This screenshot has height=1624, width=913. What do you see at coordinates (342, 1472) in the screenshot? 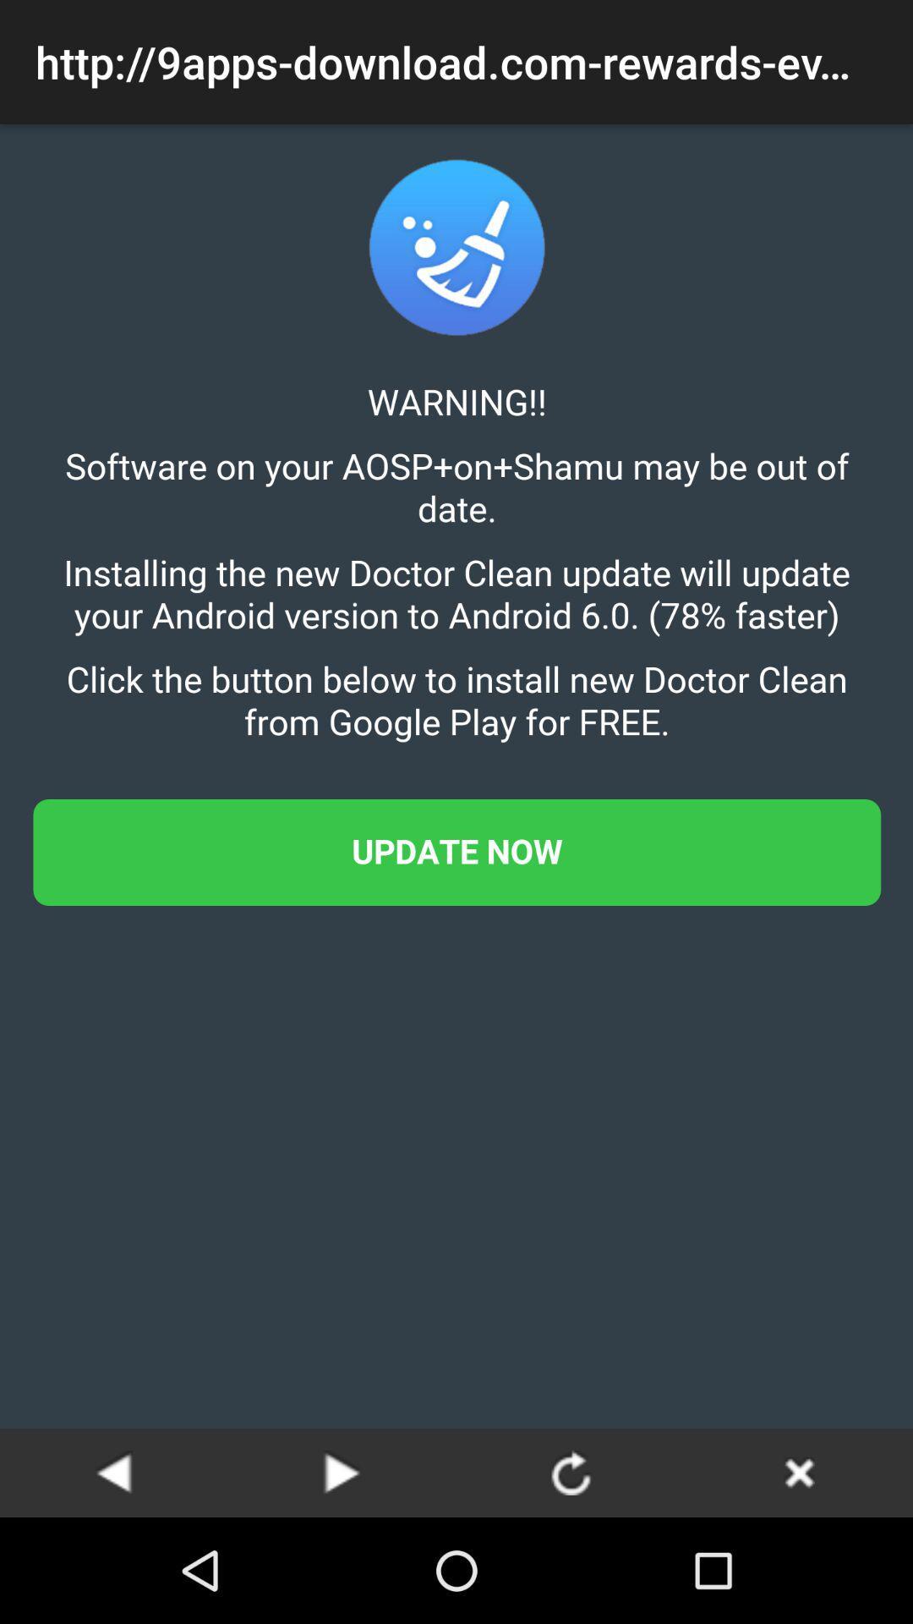
I see `next` at bounding box center [342, 1472].